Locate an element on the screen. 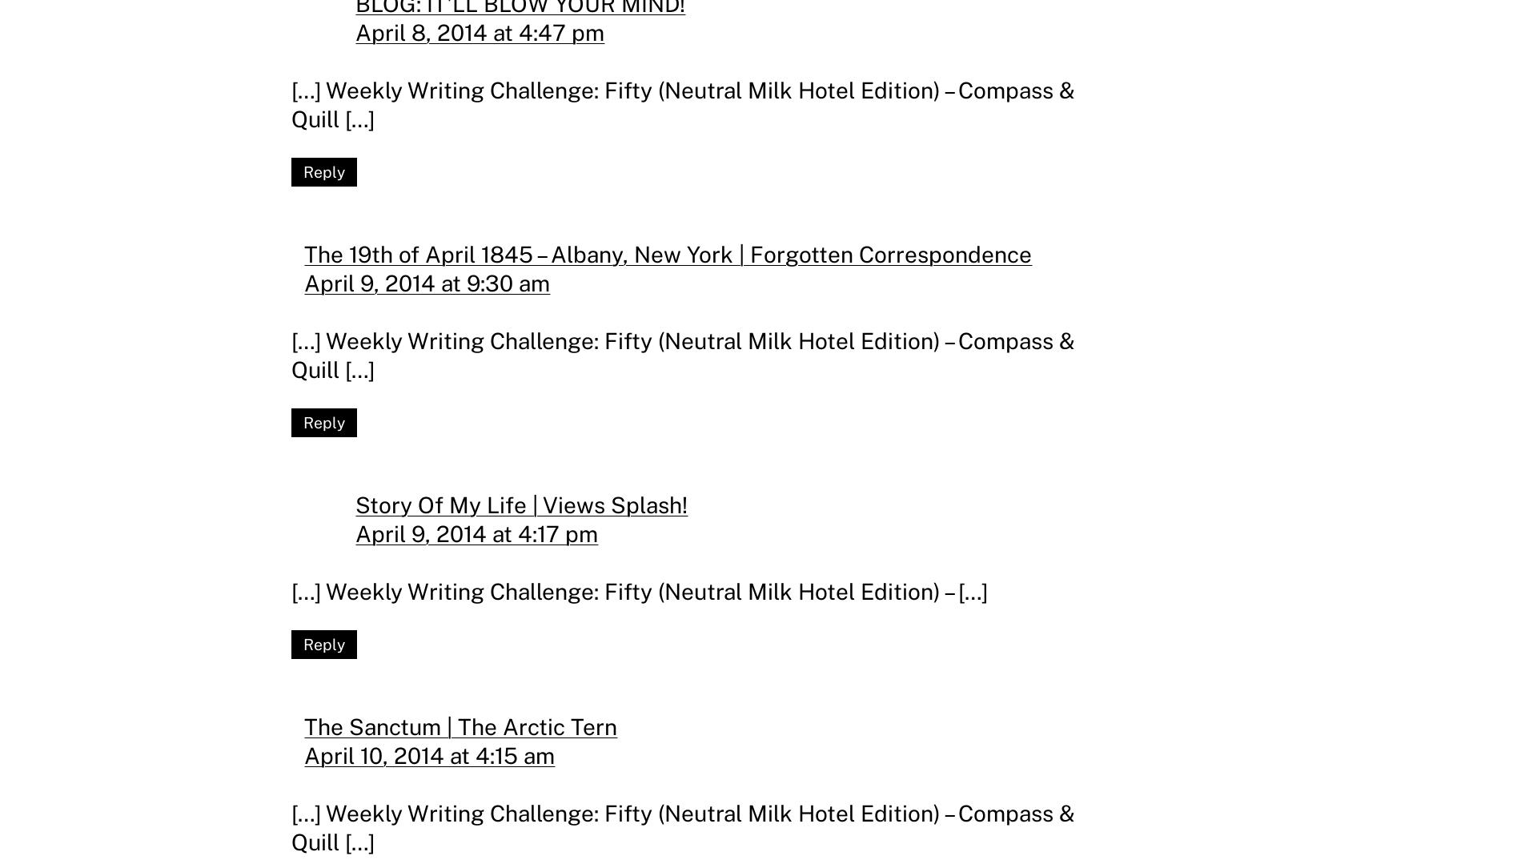  'Story Of My Life | Views Splash!' is located at coordinates (521, 504).